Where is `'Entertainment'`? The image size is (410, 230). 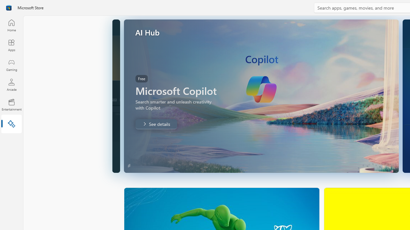 'Entertainment' is located at coordinates (11, 104).